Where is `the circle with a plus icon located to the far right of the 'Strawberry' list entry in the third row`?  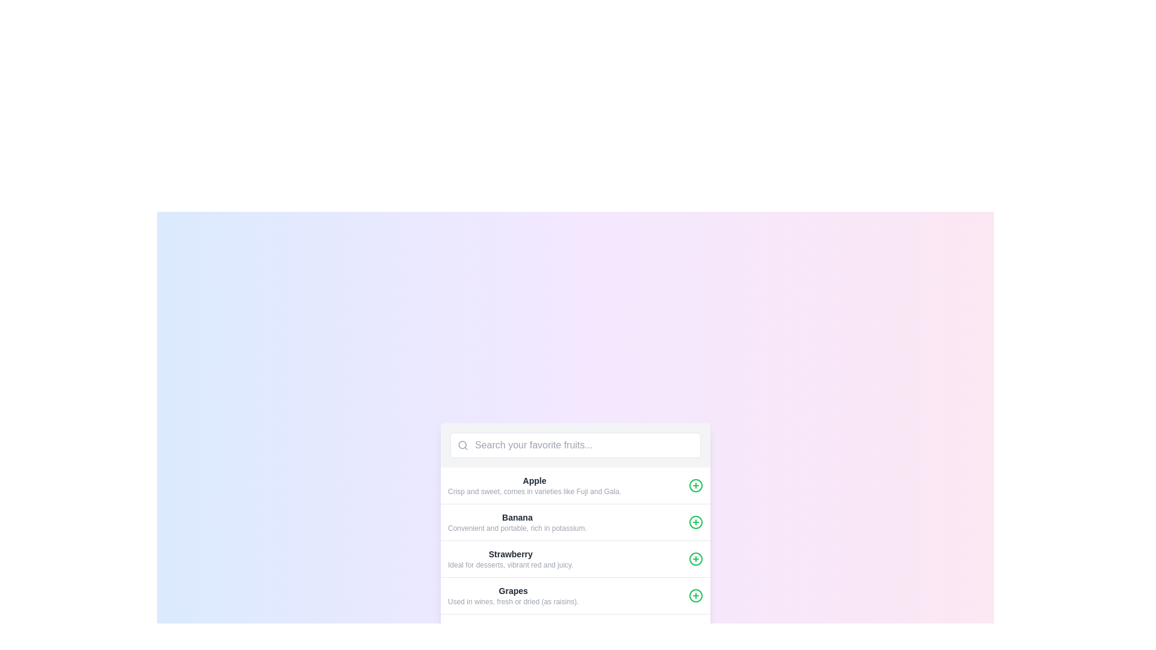 the circle with a plus icon located to the far right of the 'Strawberry' list entry in the third row is located at coordinates (696, 559).